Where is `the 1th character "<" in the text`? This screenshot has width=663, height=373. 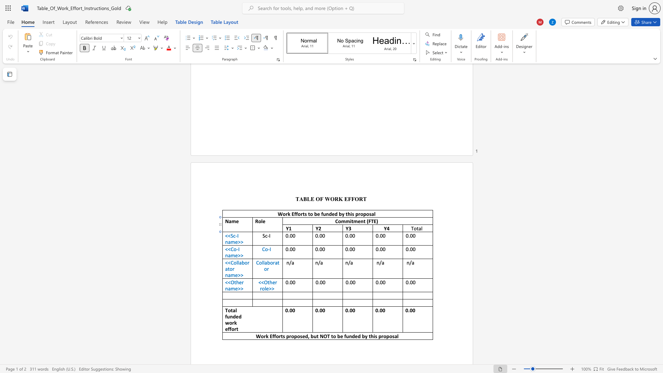
the 1th character "<" in the text is located at coordinates (227, 249).